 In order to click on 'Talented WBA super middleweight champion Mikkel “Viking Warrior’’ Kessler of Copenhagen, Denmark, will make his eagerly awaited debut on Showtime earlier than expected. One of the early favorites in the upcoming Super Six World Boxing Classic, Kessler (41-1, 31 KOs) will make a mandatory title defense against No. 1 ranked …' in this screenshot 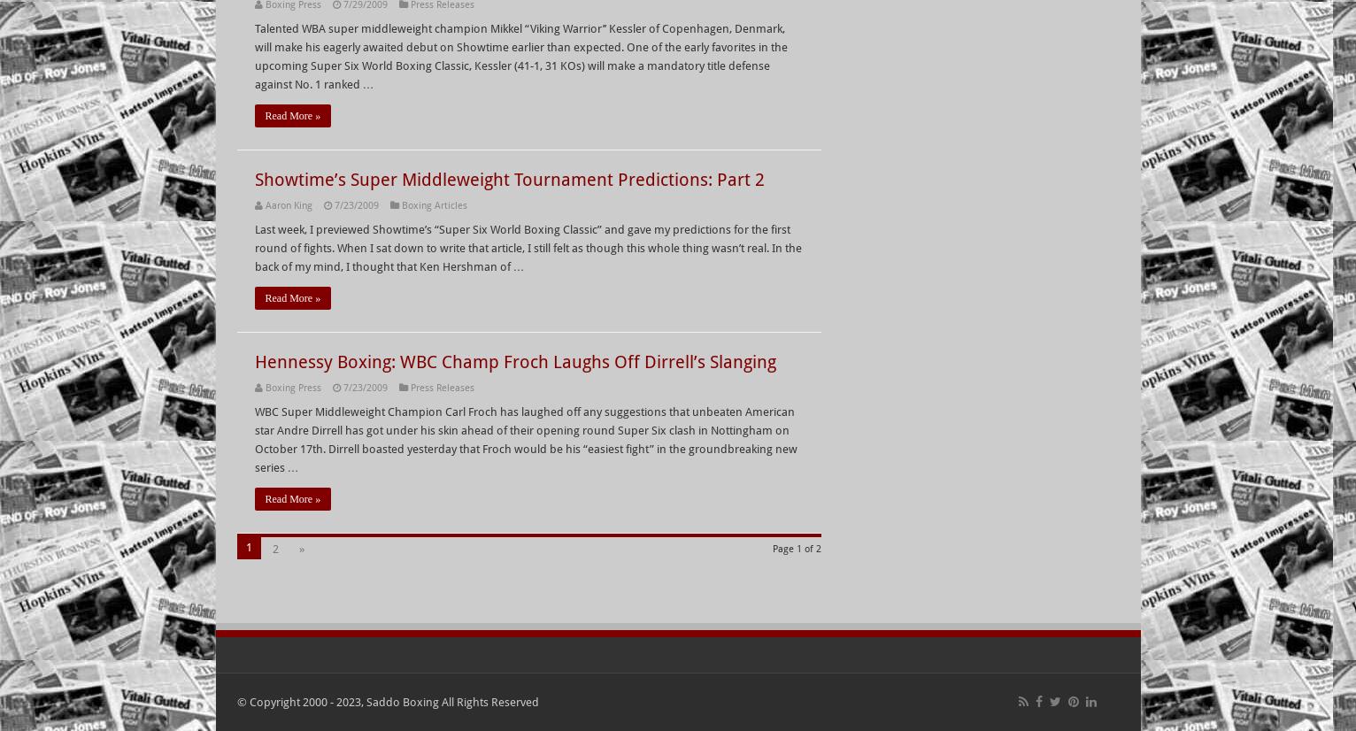, I will do `click(520, 57)`.